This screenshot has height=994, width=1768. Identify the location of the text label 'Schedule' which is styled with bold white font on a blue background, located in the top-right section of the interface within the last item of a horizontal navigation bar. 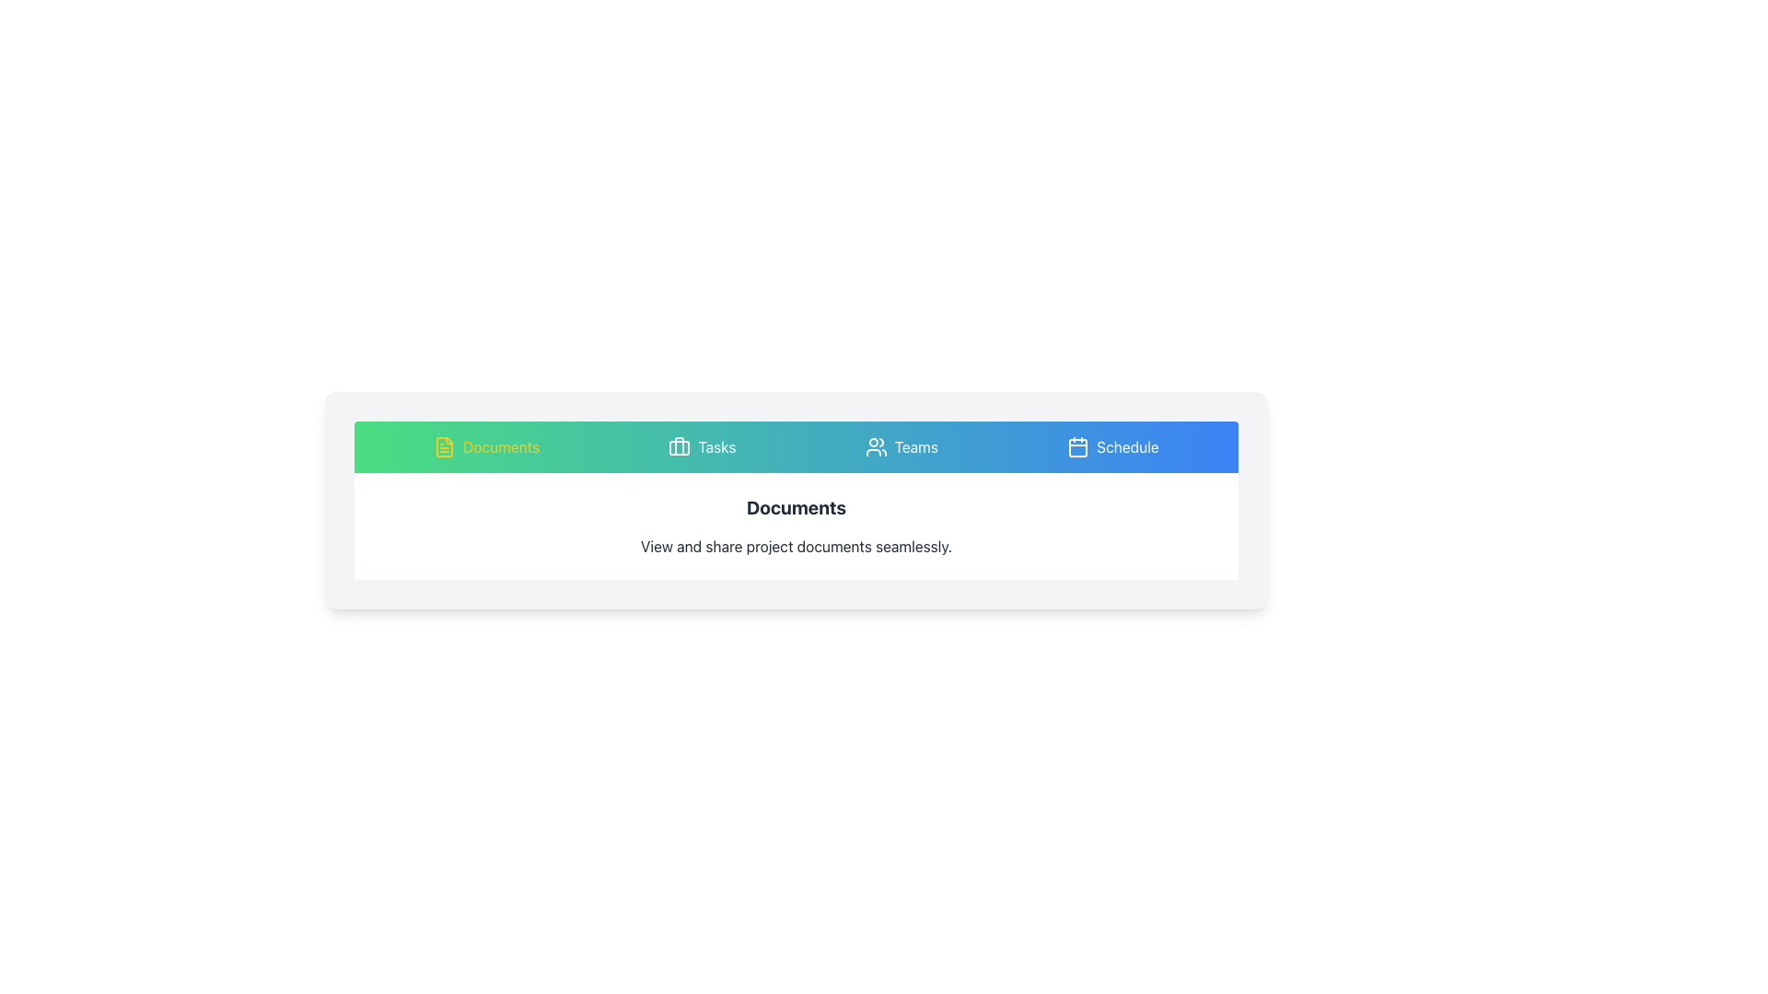
(1126, 447).